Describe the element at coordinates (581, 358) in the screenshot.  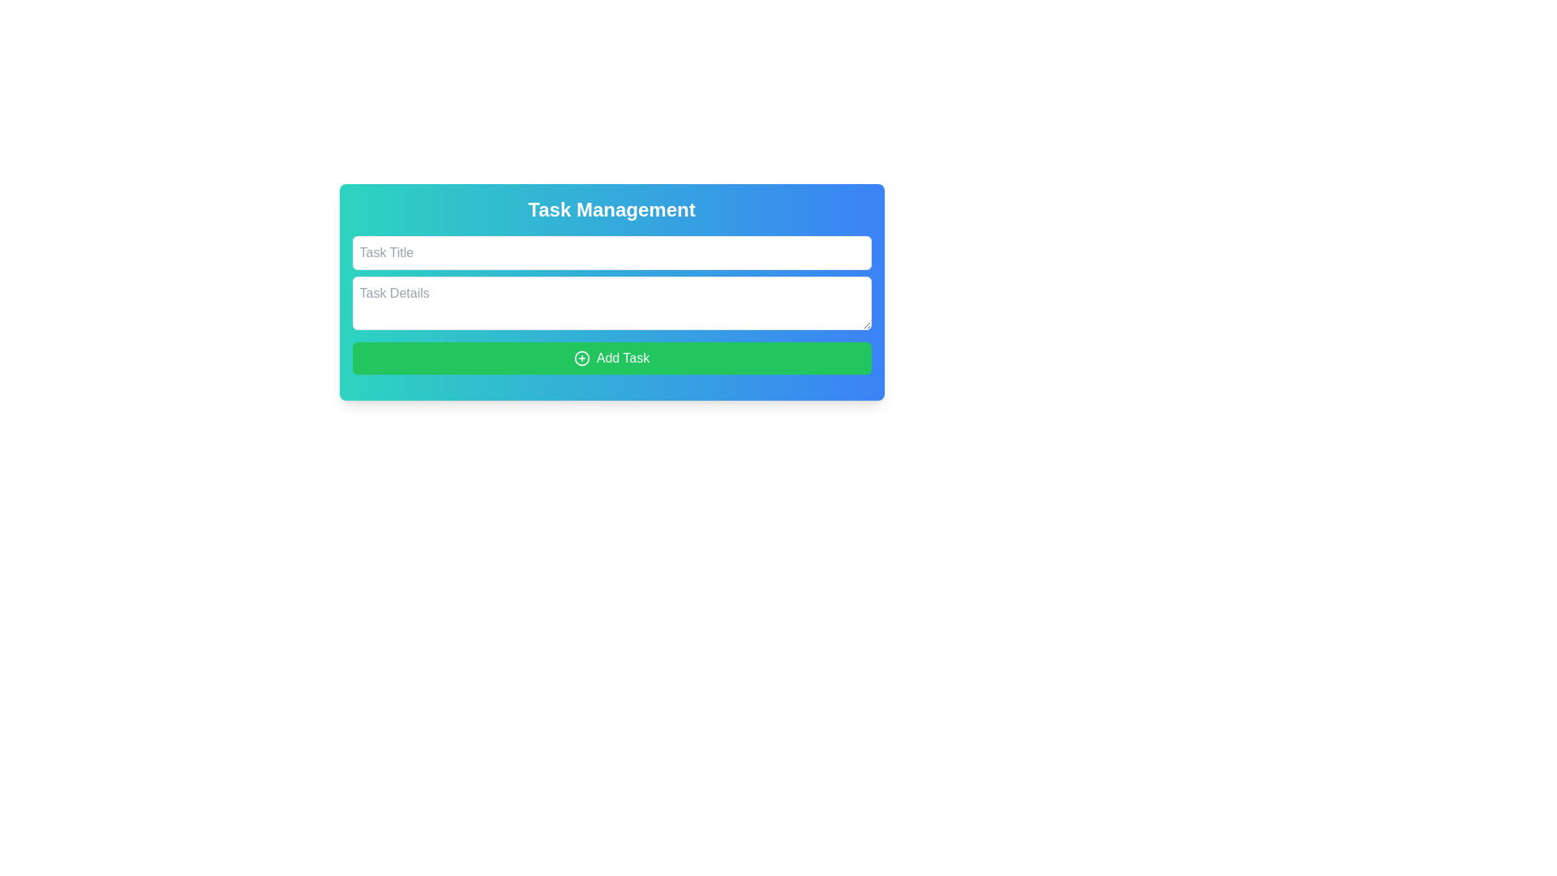
I see `the icon on the 'Add Task' button, which visually marks the button's purpose of adding a task` at that location.